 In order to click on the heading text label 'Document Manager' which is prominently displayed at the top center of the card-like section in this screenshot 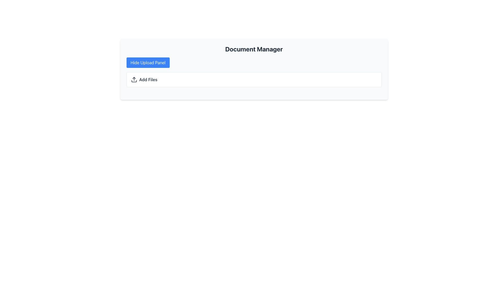, I will do `click(254, 49)`.